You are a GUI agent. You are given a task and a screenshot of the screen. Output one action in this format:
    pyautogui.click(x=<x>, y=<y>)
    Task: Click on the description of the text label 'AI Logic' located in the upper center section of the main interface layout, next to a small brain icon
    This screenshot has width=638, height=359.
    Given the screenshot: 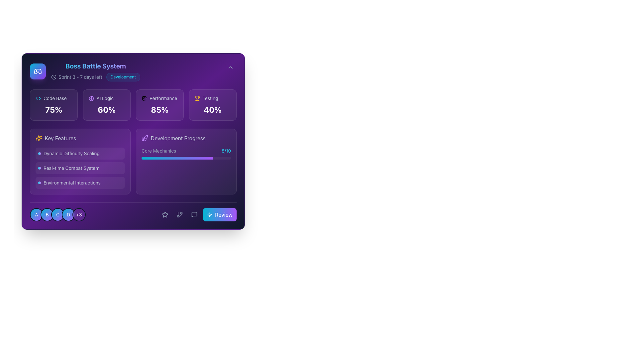 What is the action you would take?
    pyautogui.click(x=105, y=98)
    